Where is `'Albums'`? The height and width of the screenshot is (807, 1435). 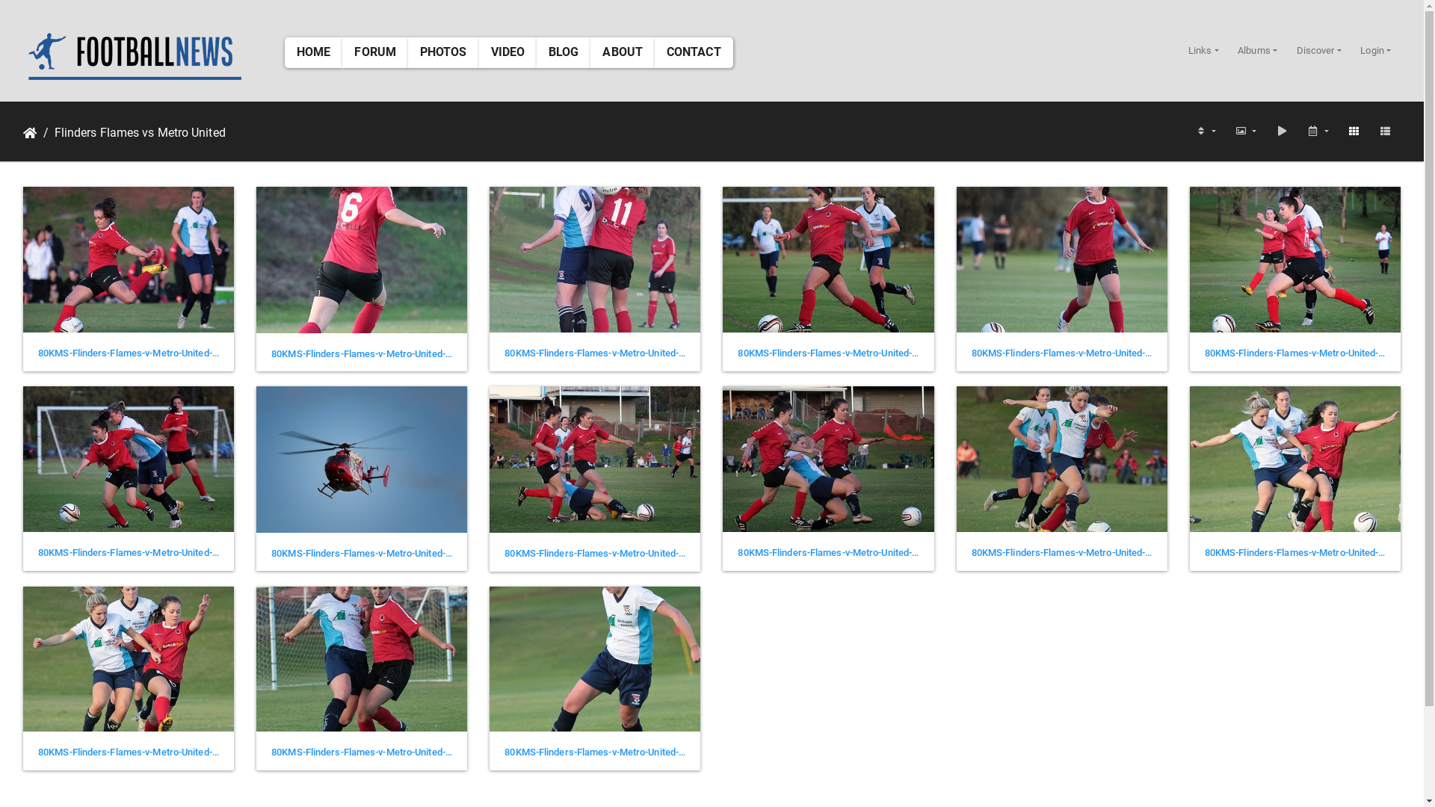
'Albums' is located at coordinates (1256, 50).